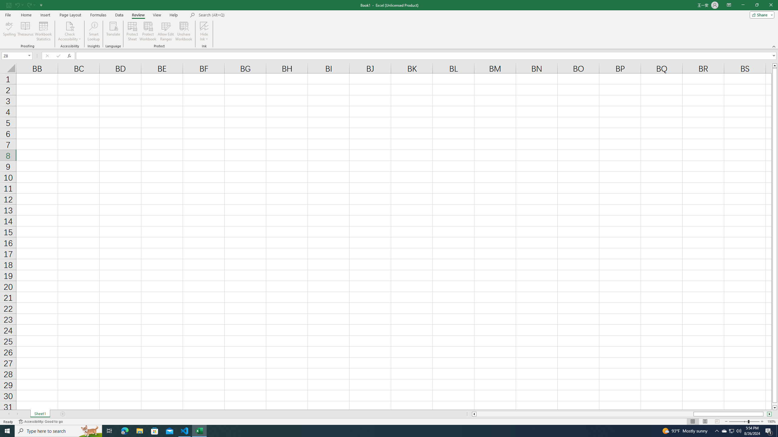 The width and height of the screenshot is (778, 437). What do you see at coordinates (9, 31) in the screenshot?
I see `'Spelling...'` at bounding box center [9, 31].